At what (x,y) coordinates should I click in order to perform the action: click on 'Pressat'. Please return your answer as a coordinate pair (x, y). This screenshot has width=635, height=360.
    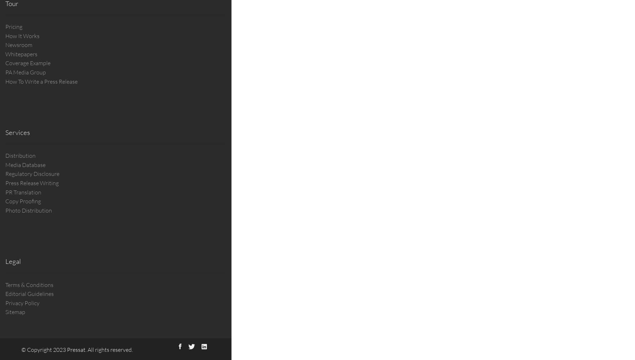
    Looking at the image, I should click on (66, 349).